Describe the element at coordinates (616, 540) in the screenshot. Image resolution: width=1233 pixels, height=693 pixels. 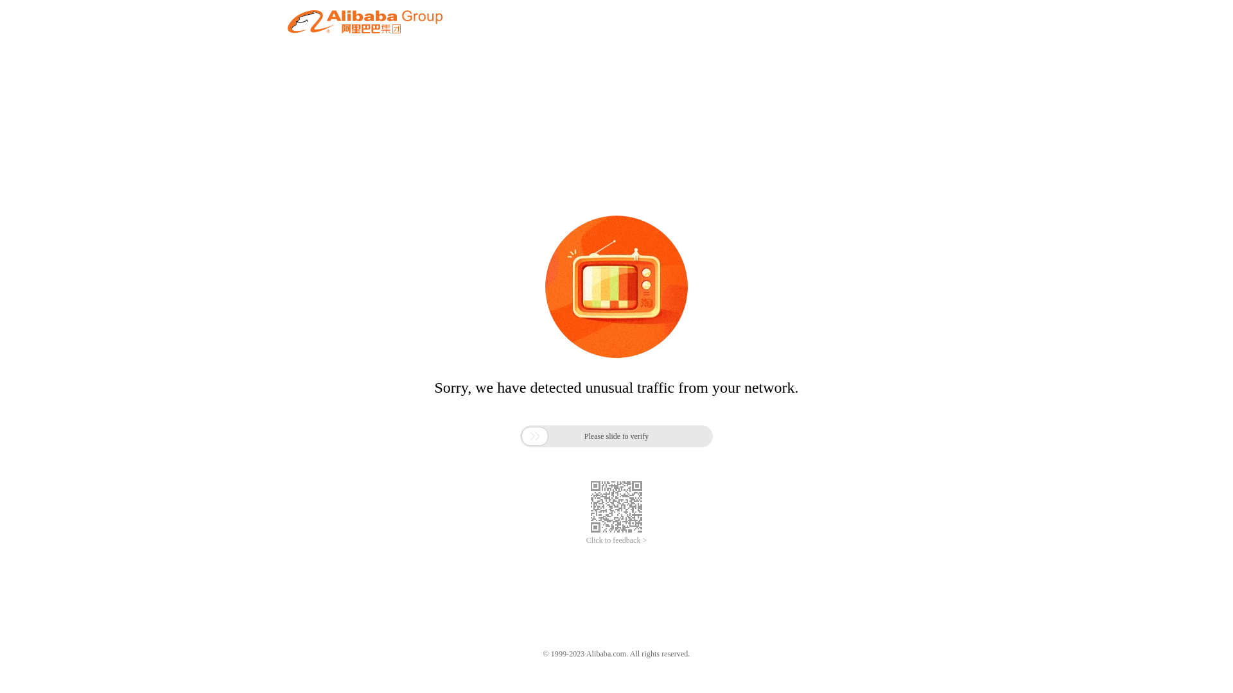
I see `'Click to feedback >'` at that location.